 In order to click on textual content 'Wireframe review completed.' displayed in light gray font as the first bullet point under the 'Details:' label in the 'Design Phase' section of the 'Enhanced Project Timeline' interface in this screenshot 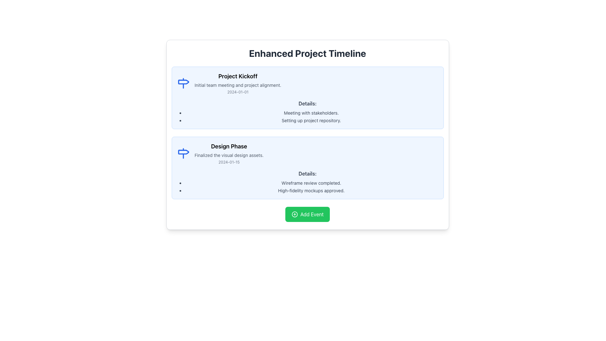, I will do `click(311, 183)`.